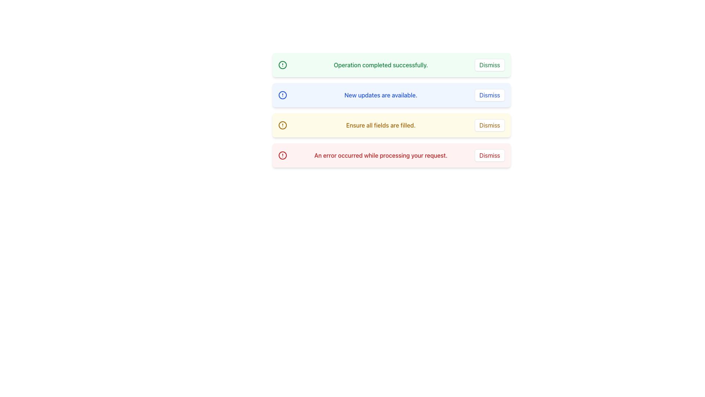 Image resolution: width=705 pixels, height=397 pixels. I want to click on the Text Label displaying an error message located inside a notification card at the bottom of a vertically stacked list, adjacent to the 'Dismiss' button, so click(381, 155).